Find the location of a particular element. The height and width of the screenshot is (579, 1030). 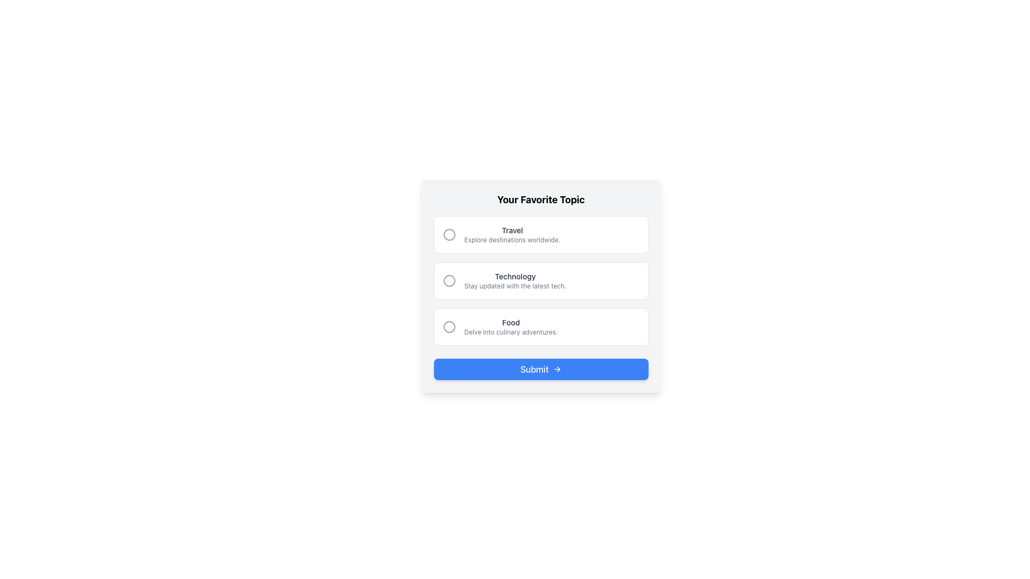

the decorative Circle (SVG) element located to the left of the 'Travel' option in the 'Your Favorite Topic' list is located at coordinates (449, 234).